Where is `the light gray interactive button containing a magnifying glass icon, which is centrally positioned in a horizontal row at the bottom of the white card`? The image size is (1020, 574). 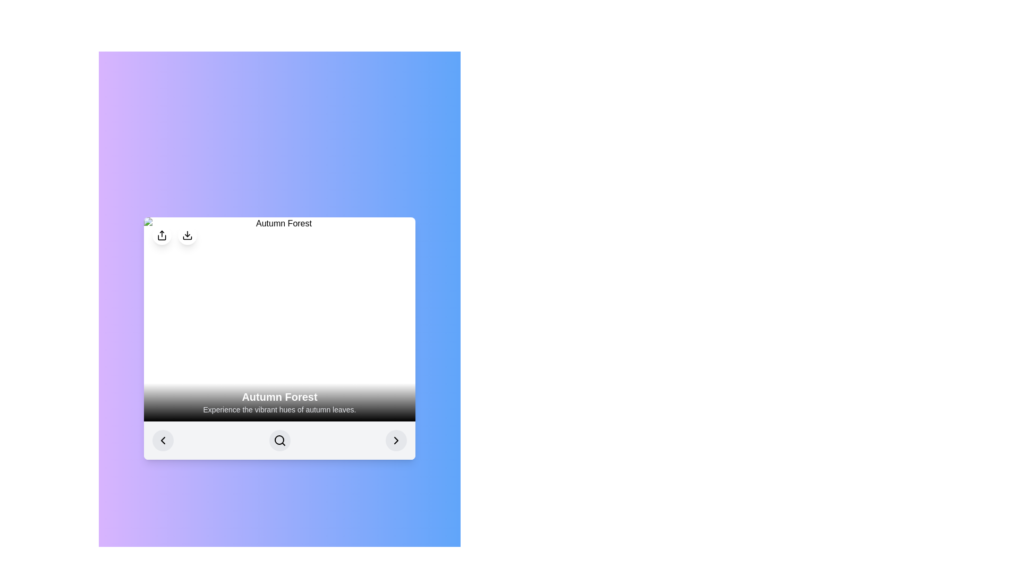 the light gray interactive button containing a magnifying glass icon, which is centrally positioned in a horizontal row at the bottom of the white card is located at coordinates (279, 441).